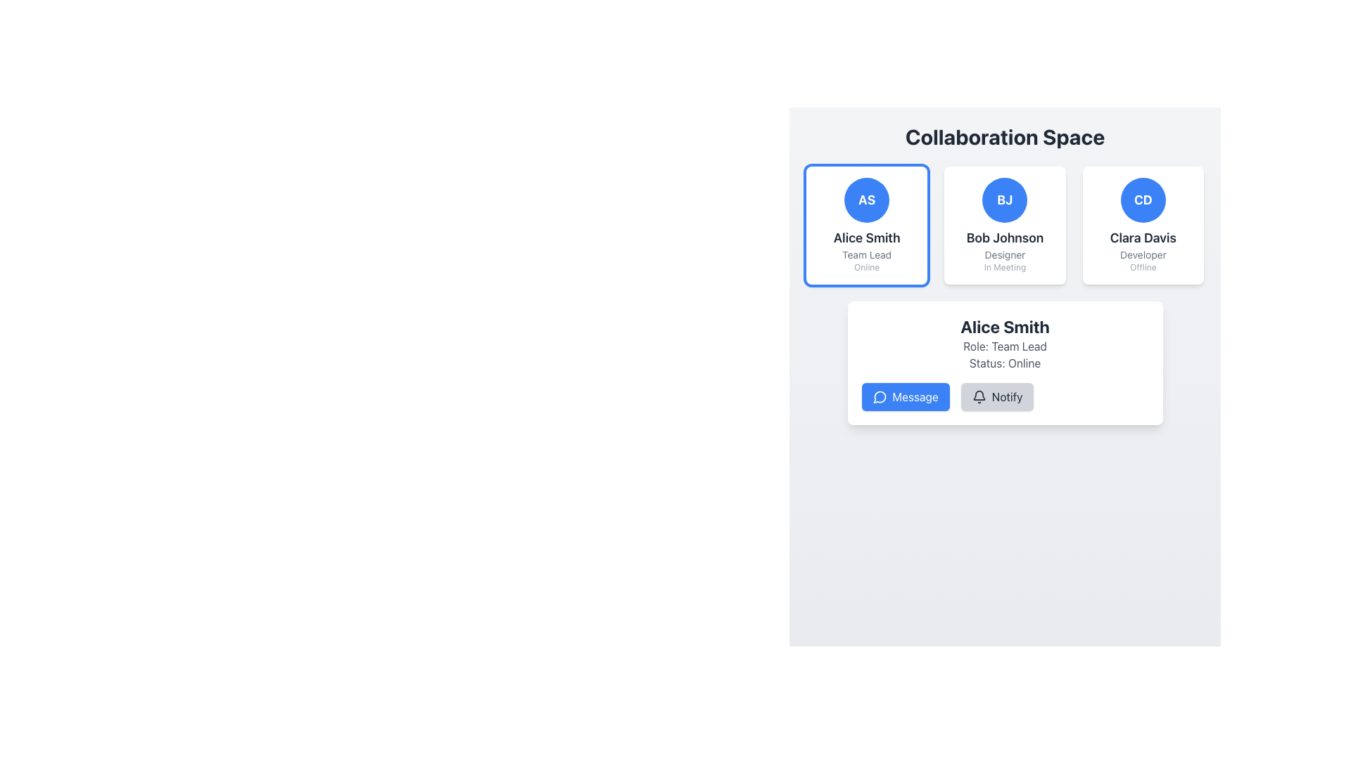 Image resolution: width=1351 pixels, height=759 pixels. I want to click on the text label indicating 'In Meeting' status for 'Bob Johnson', which is located underneath the 'Designer' label in the profile card, so click(1004, 268).